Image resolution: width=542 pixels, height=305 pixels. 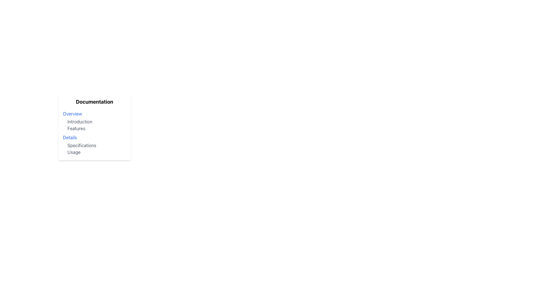 I want to click on the hyperlink labeled 'Details', which is styled in blue and underlined on hover, so click(x=69, y=137).